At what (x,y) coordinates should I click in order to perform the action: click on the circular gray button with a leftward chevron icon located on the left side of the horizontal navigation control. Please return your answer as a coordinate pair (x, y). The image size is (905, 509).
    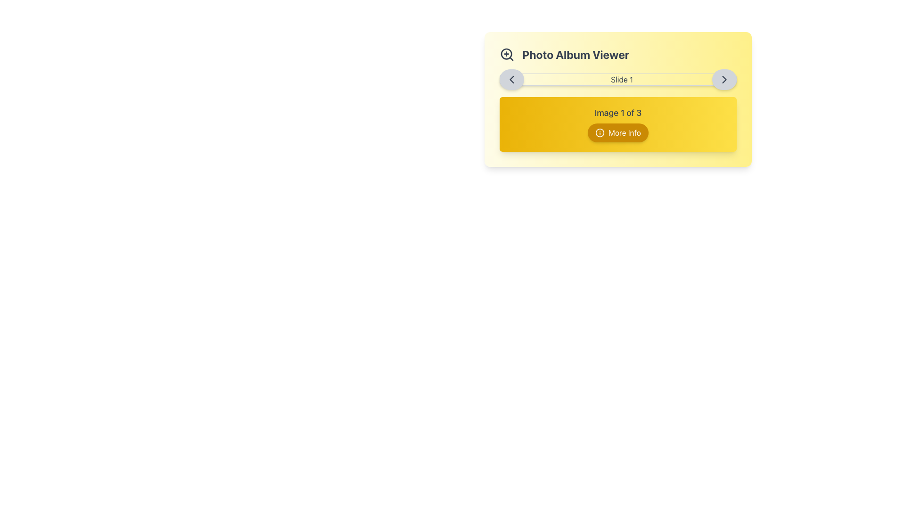
    Looking at the image, I should click on (511, 79).